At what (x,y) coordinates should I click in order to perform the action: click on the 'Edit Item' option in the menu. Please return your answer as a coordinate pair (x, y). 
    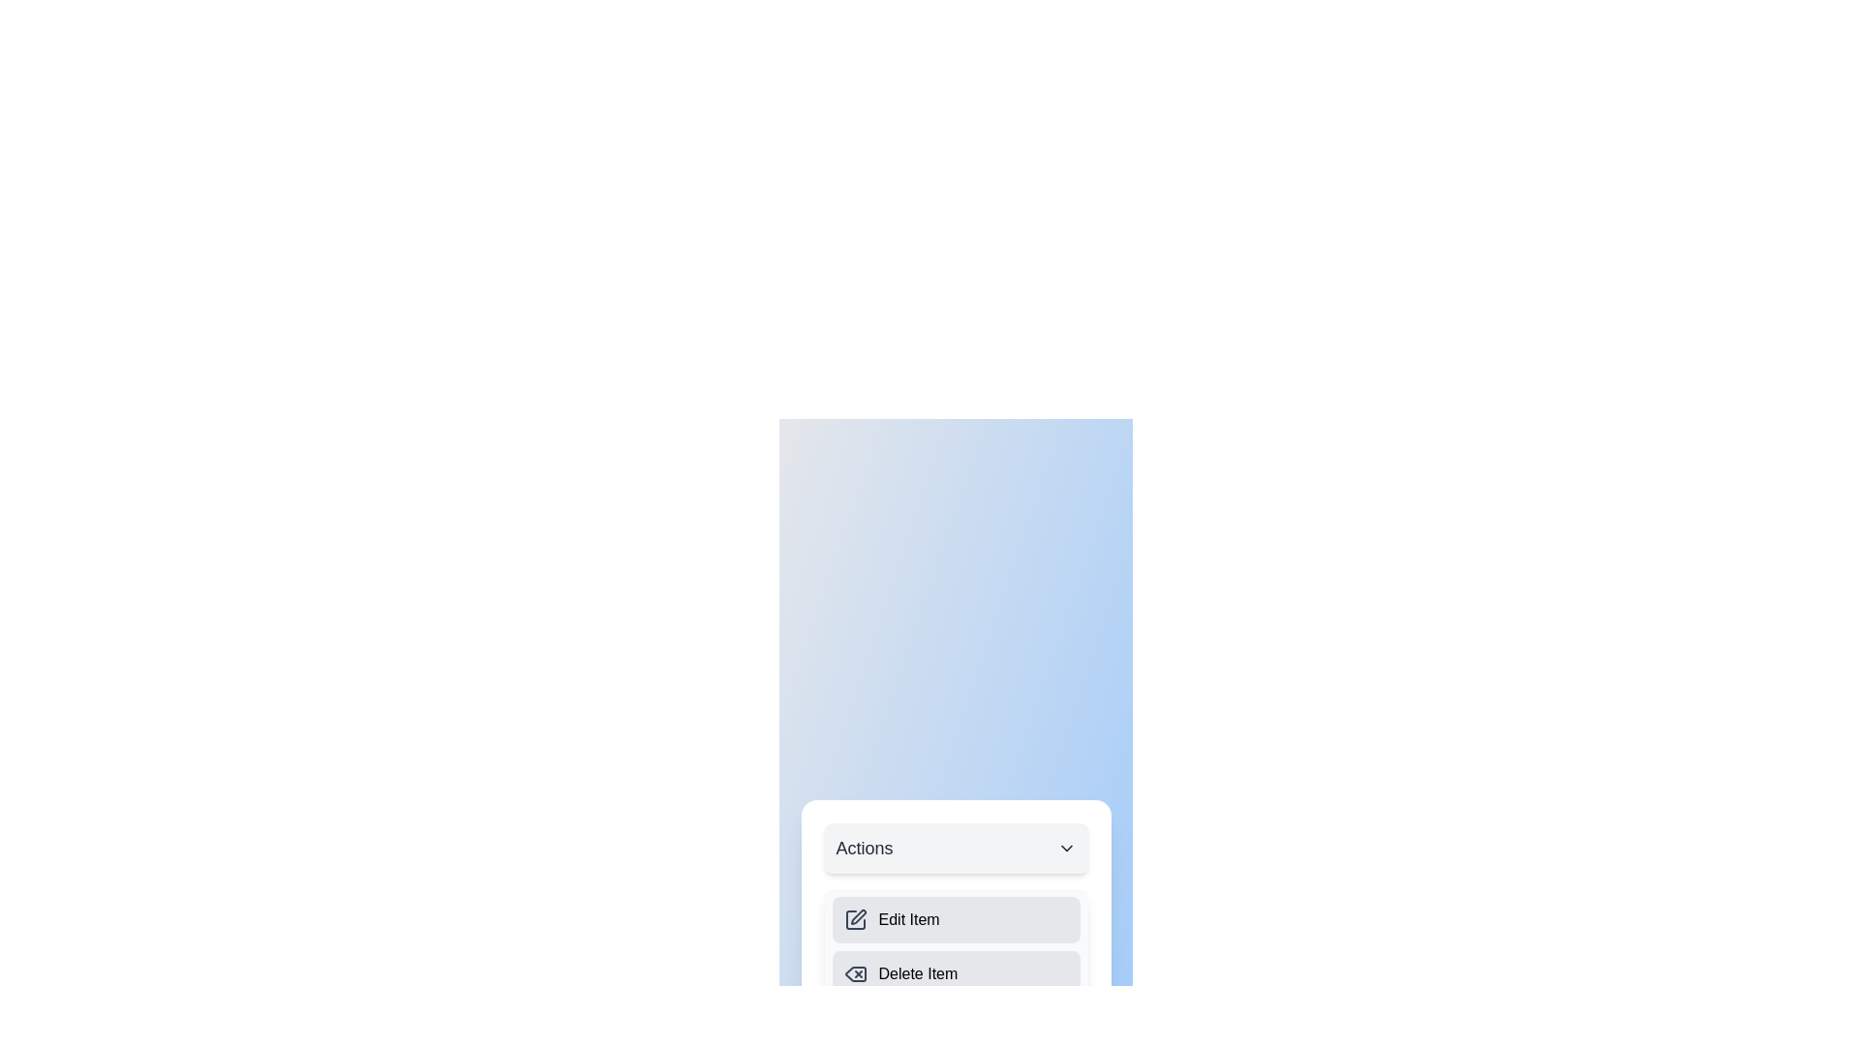
    Looking at the image, I should click on (956, 919).